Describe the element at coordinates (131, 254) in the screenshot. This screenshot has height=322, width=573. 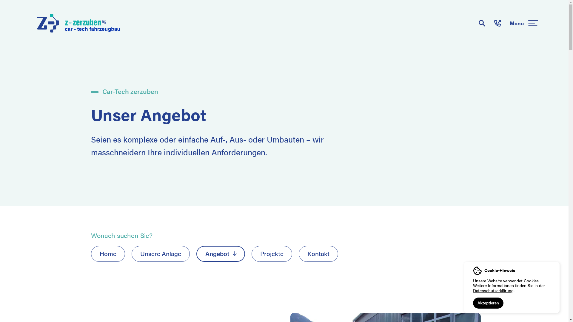
I see `'Unsere Anlage'` at that location.